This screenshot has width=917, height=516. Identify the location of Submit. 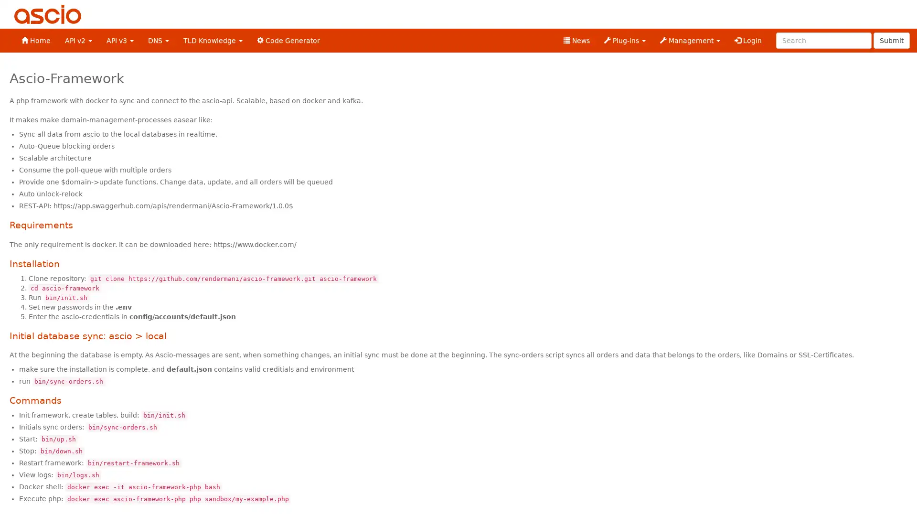
(891, 40).